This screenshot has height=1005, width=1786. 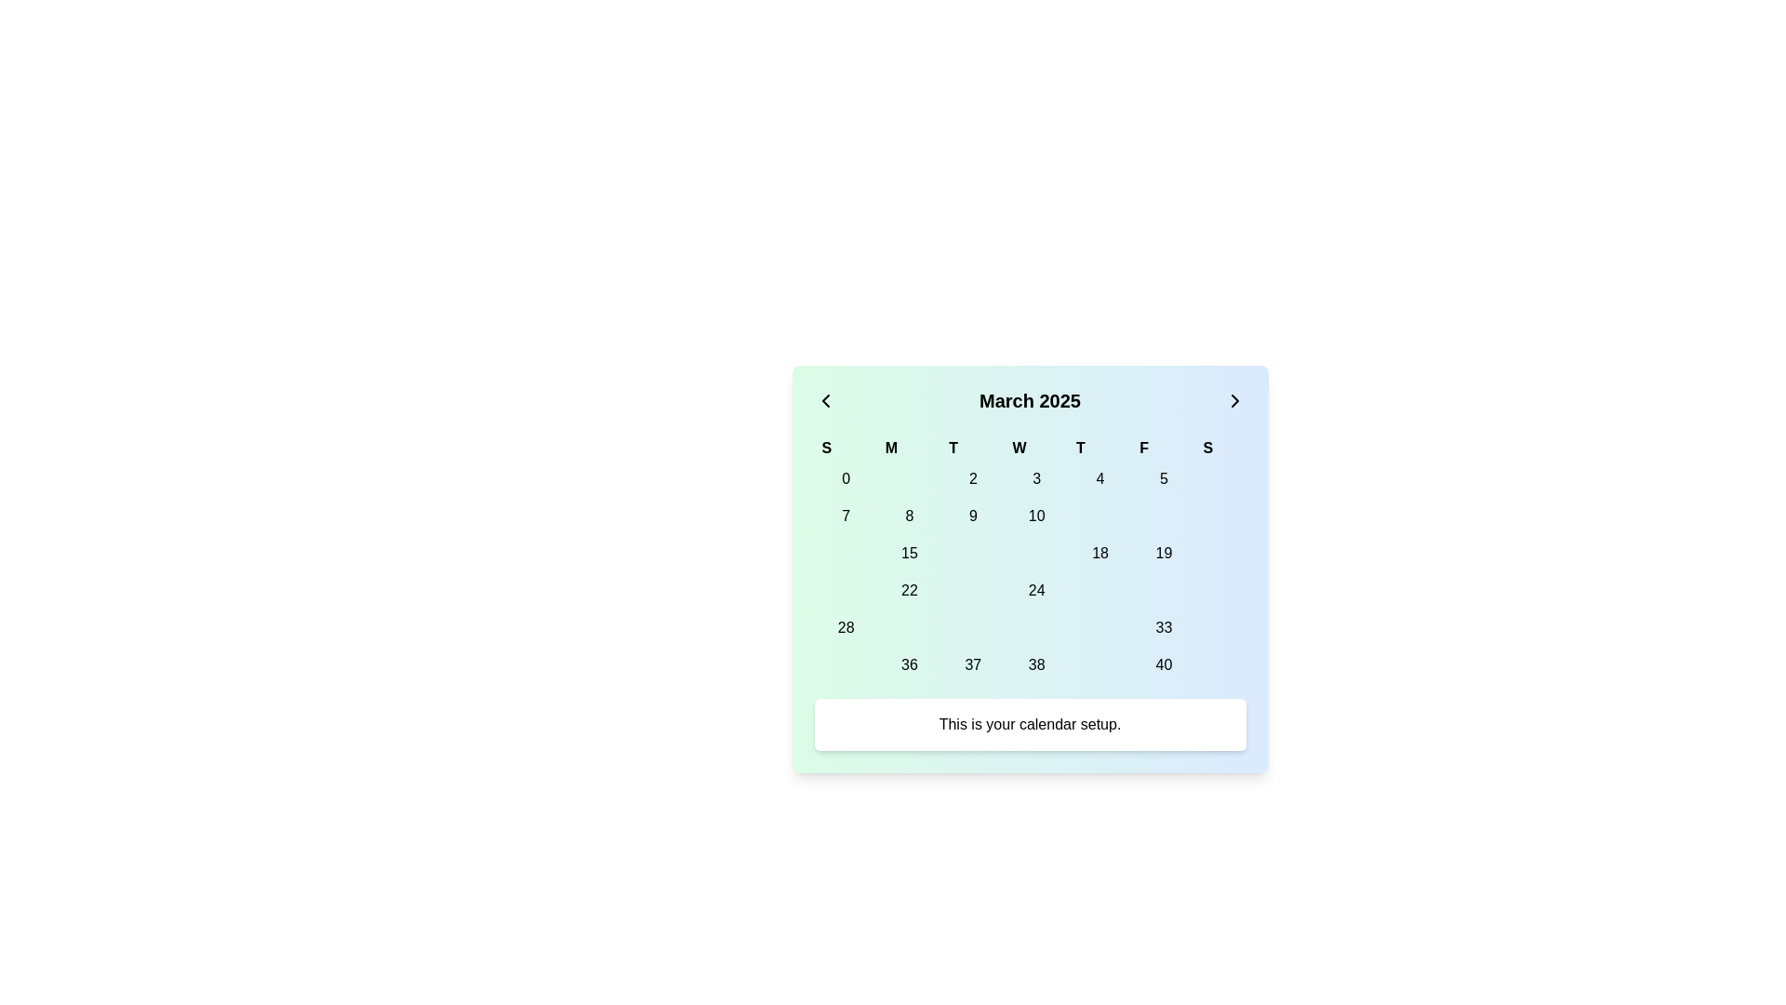 I want to click on the small circular marker indicating a selected date within the calendar interface, located between the dates '24' and '33', so click(x=1035, y=628).